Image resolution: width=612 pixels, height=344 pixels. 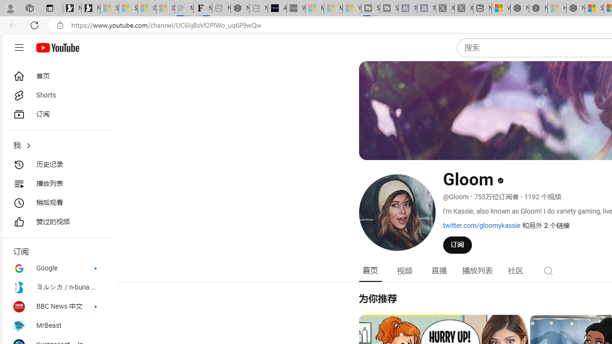 What do you see at coordinates (55, 325) in the screenshot?
I see `'MrBeast'` at bounding box center [55, 325].